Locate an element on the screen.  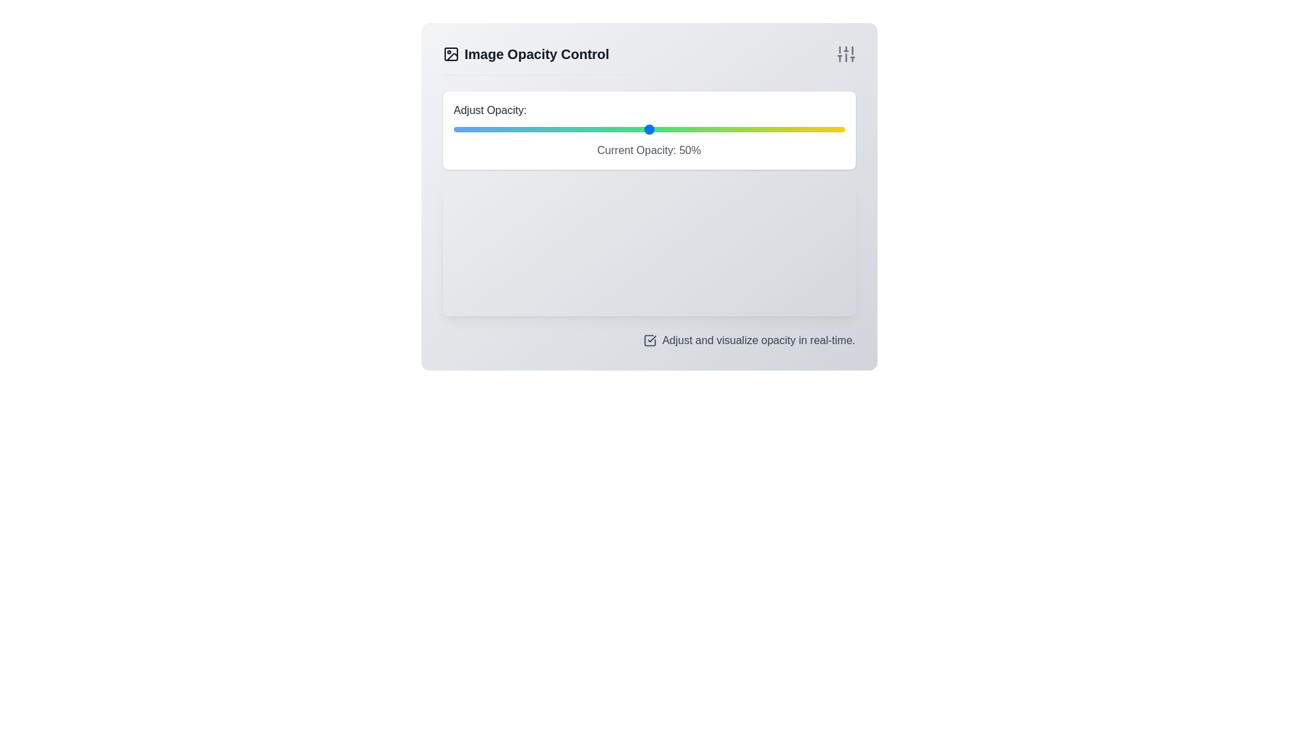
the opacity is located at coordinates (786, 130).